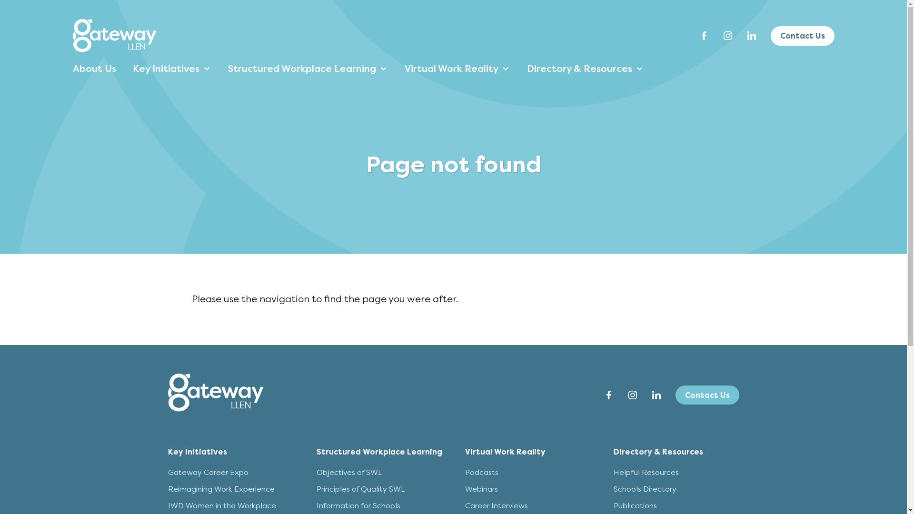 This screenshot has height=514, width=914. I want to click on 'IWD Women in the Workplace', so click(221, 505).